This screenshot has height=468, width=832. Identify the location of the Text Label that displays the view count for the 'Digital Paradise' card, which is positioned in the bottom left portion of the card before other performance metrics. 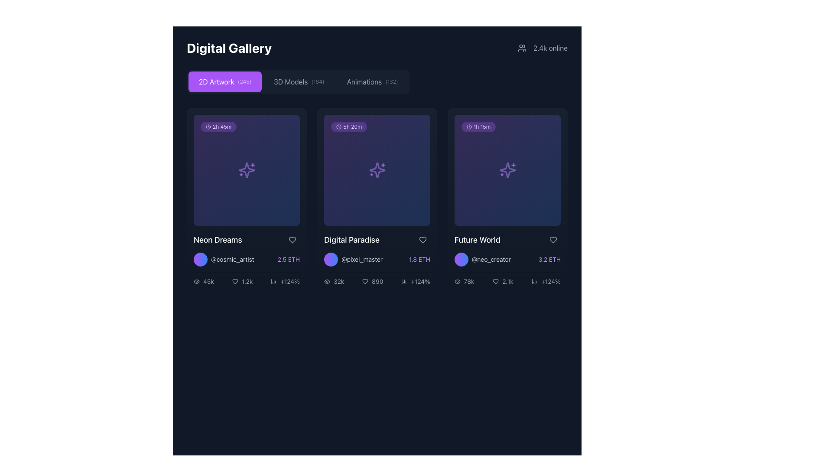
(334, 282).